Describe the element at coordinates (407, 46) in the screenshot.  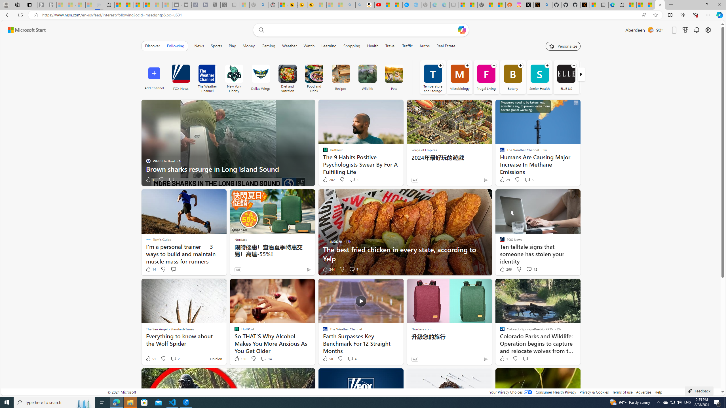
I see `'Traffic'` at that location.